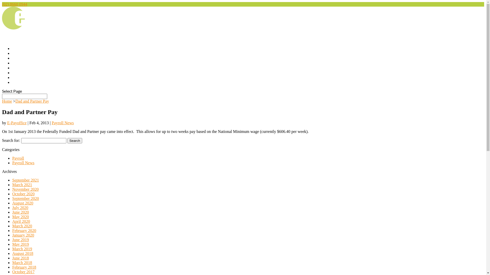 Image resolution: width=490 pixels, height=275 pixels. What do you see at coordinates (17, 78) in the screenshot?
I see `'BLOG'` at bounding box center [17, 78].